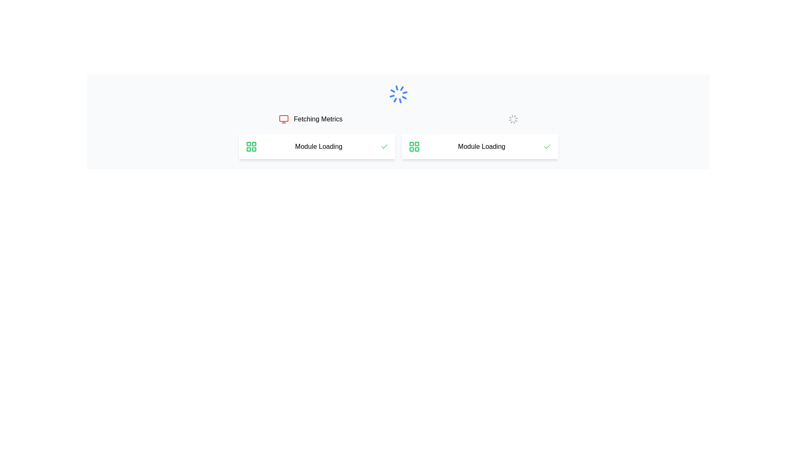 This screenshot has width=798, height=449. I want to click on the centrally positioned Spinner or Loading Indicator that indicates an ongoing process, located above the 'Module Loading' sections, so click(398, 94).